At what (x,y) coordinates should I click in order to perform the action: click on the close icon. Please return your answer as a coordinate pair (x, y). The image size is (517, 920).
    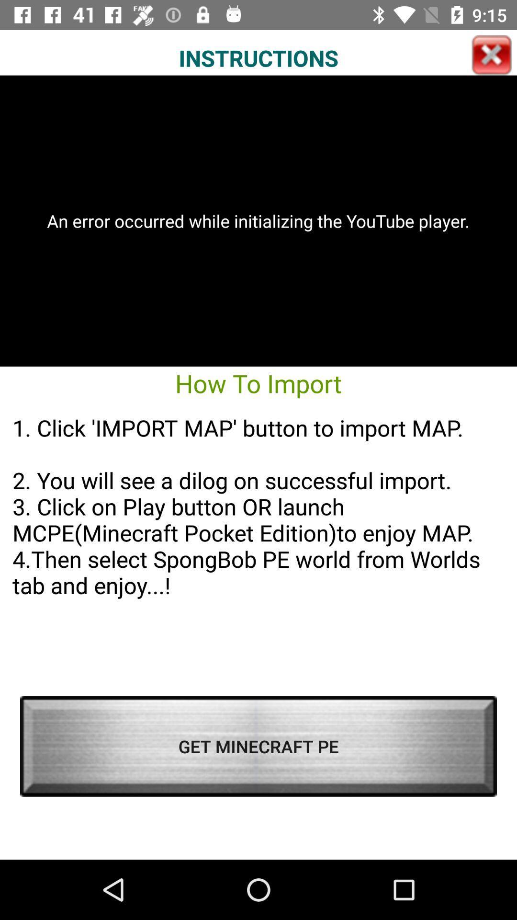
    Looking at the image, I should click on (492, 55).